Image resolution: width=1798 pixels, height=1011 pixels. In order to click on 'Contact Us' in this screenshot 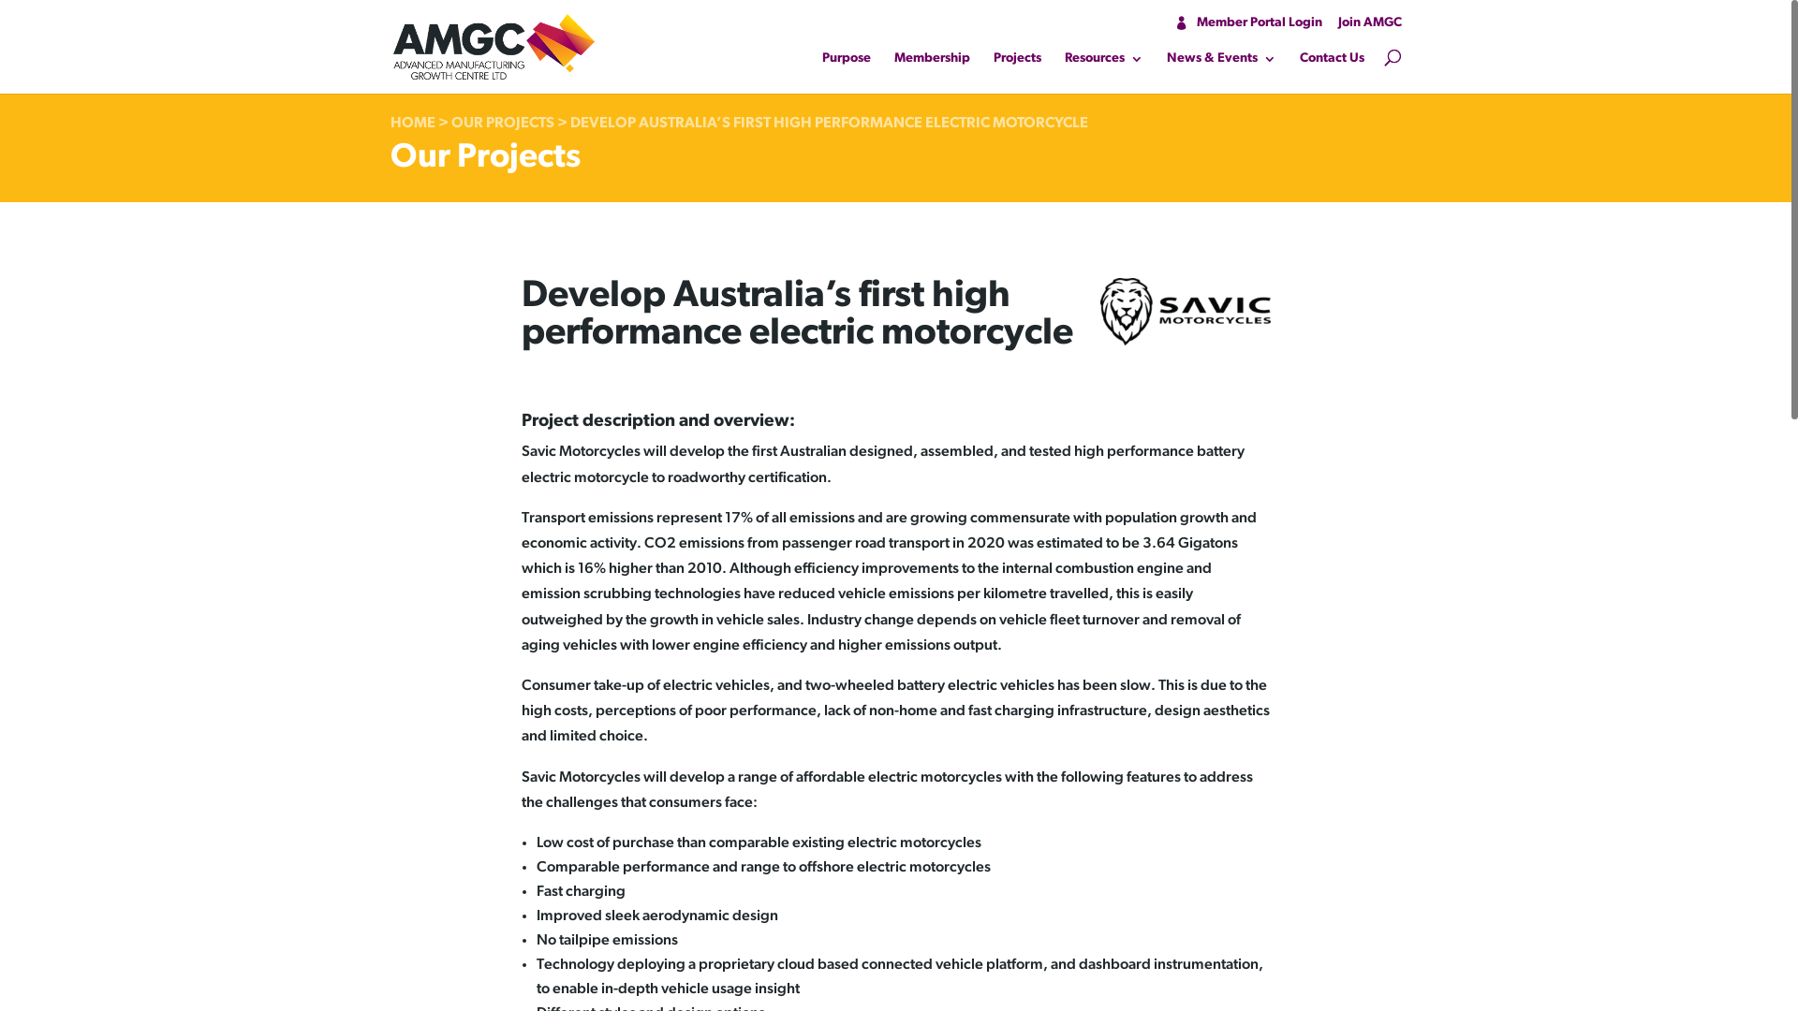, I will do `click(1331, 62)`.